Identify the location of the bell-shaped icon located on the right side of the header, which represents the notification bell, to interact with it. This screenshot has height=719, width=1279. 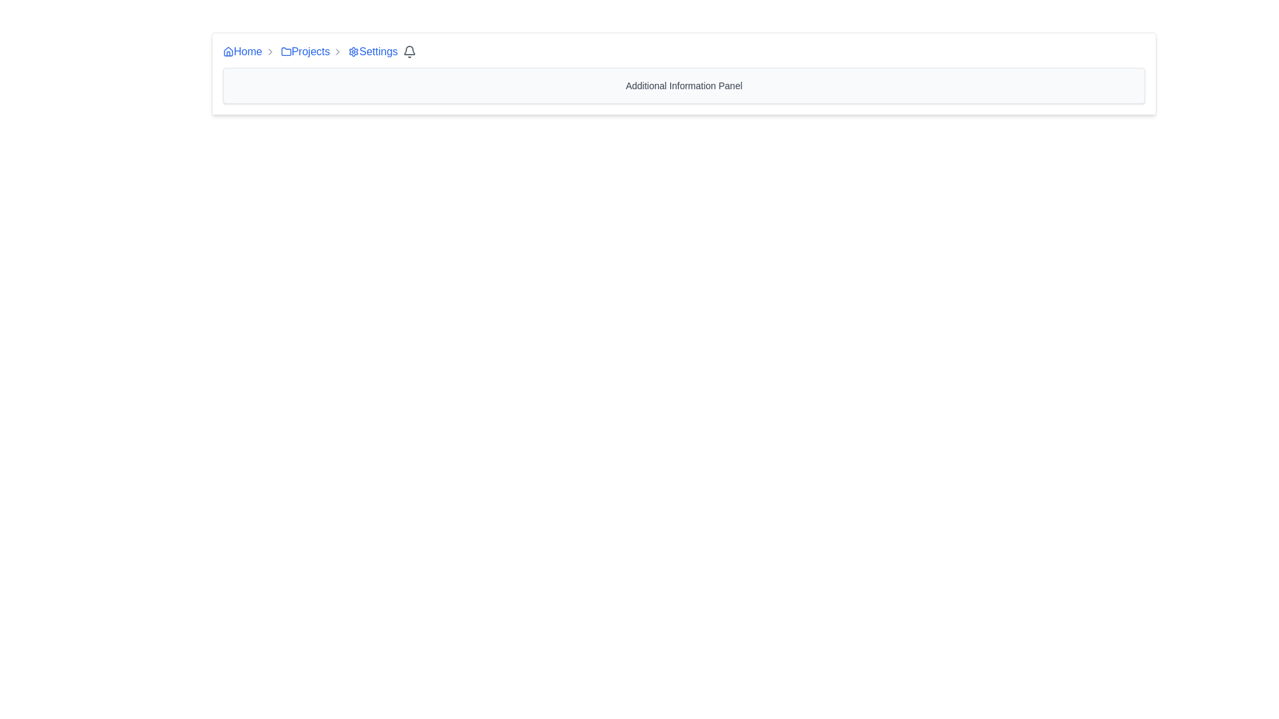
(409, 49).